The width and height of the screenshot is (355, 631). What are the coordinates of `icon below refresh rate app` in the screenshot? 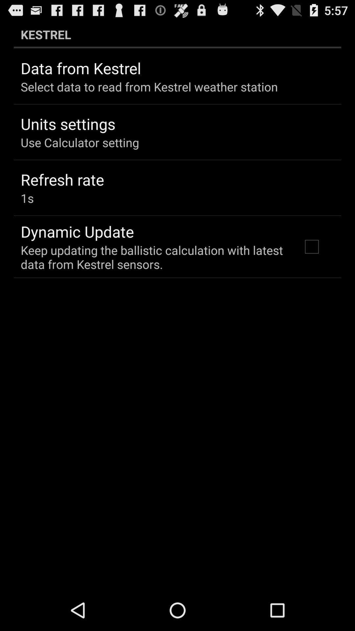 It's located at (27, 198).